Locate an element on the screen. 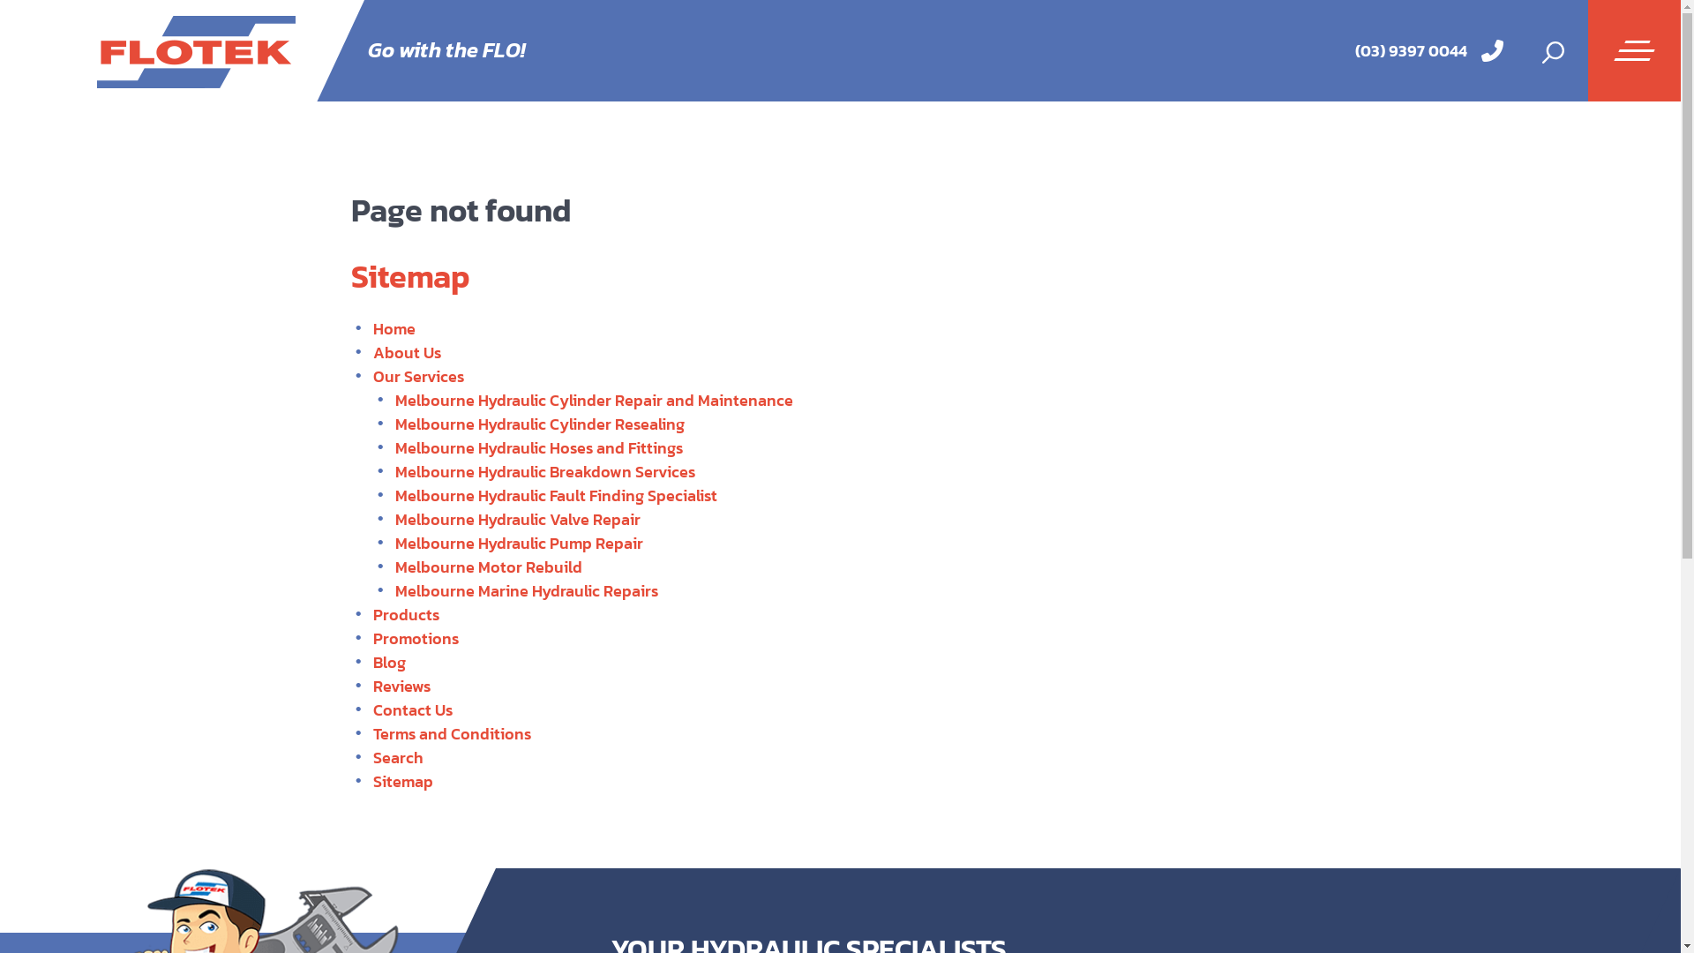  'Terms and Conditions' is located at coordinates (451, 733).